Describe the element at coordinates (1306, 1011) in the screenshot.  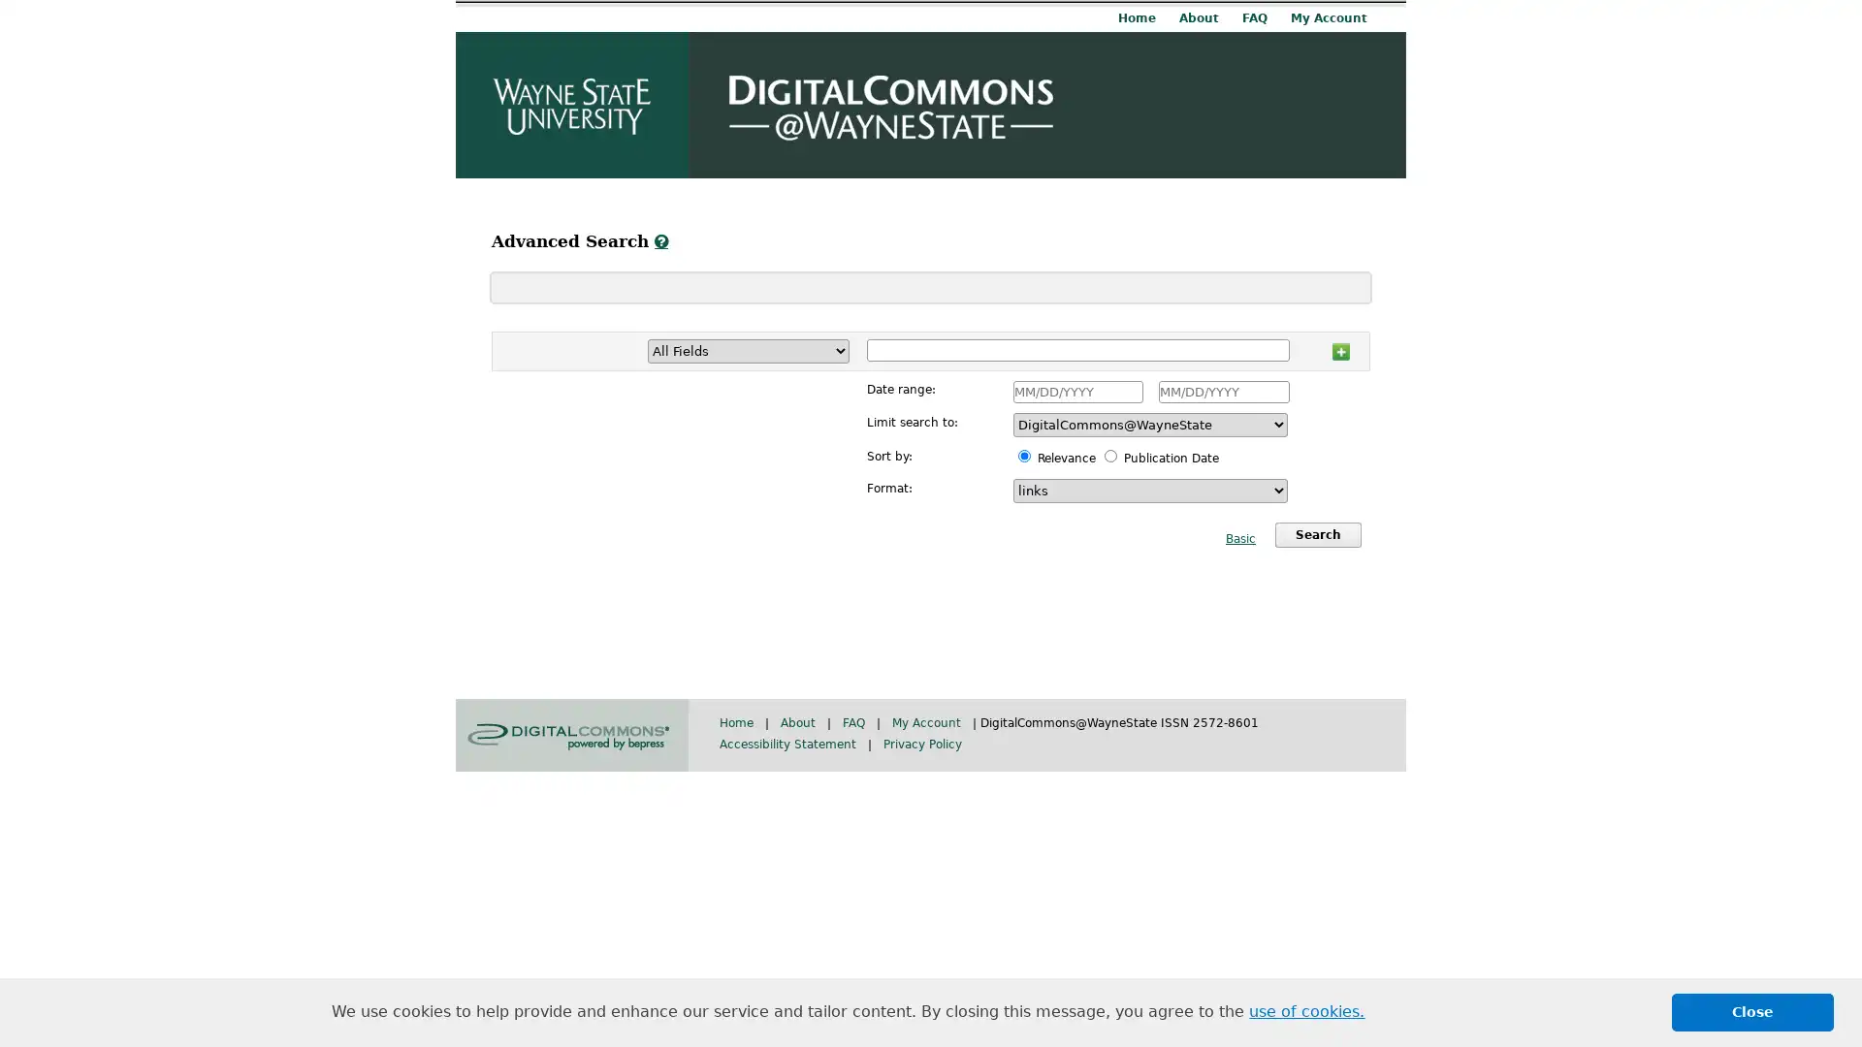
I see `learn more about cookies` at that location.